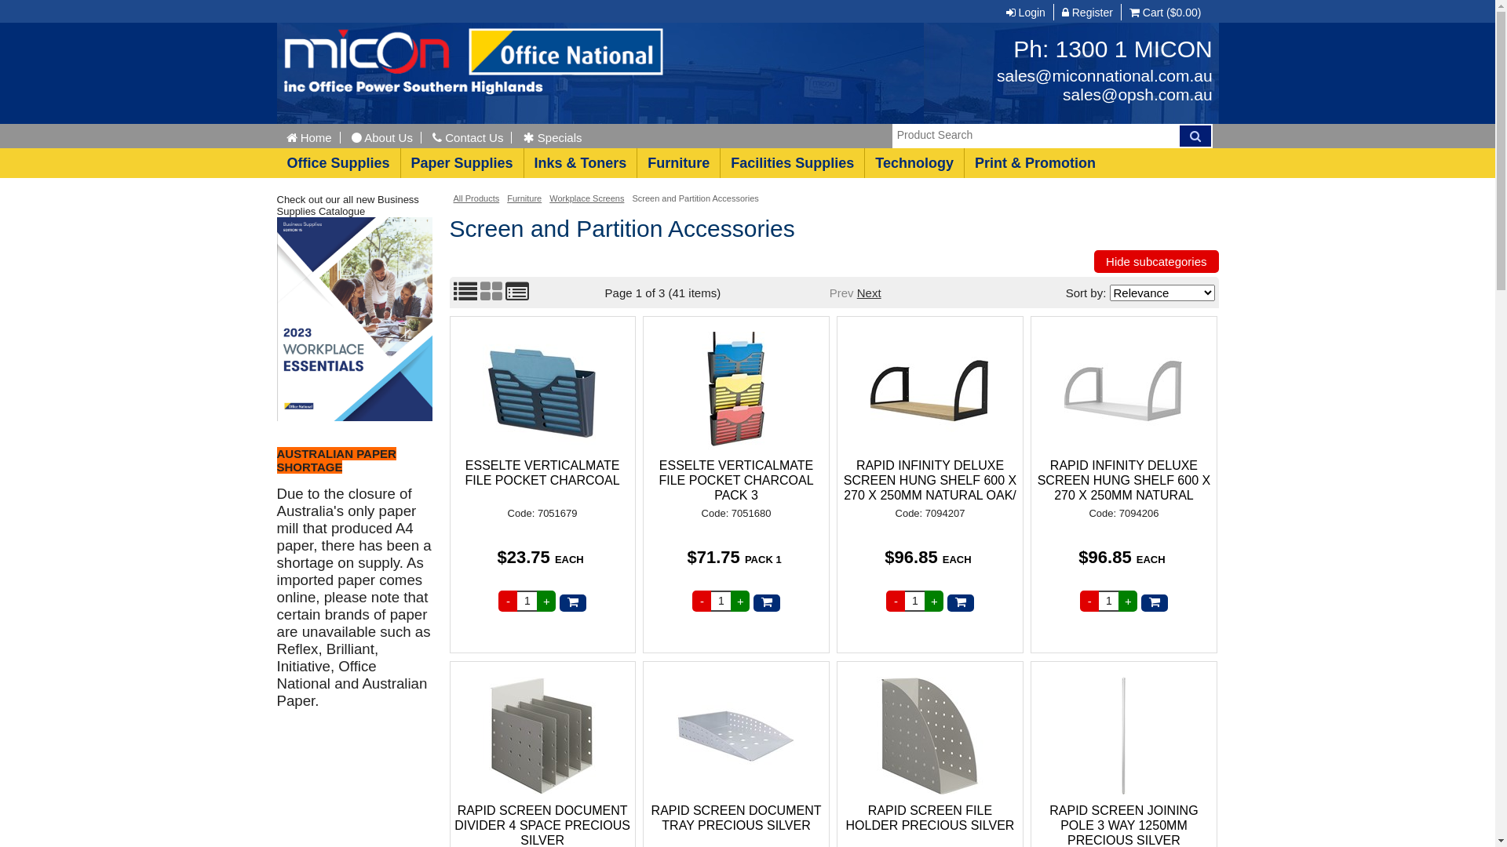 The height and width of the screenshot is (847, 1507). What do you see at coordinates (553, 136) in the screenshot?
I see `'Specials'` at bounding box center [553, 136].